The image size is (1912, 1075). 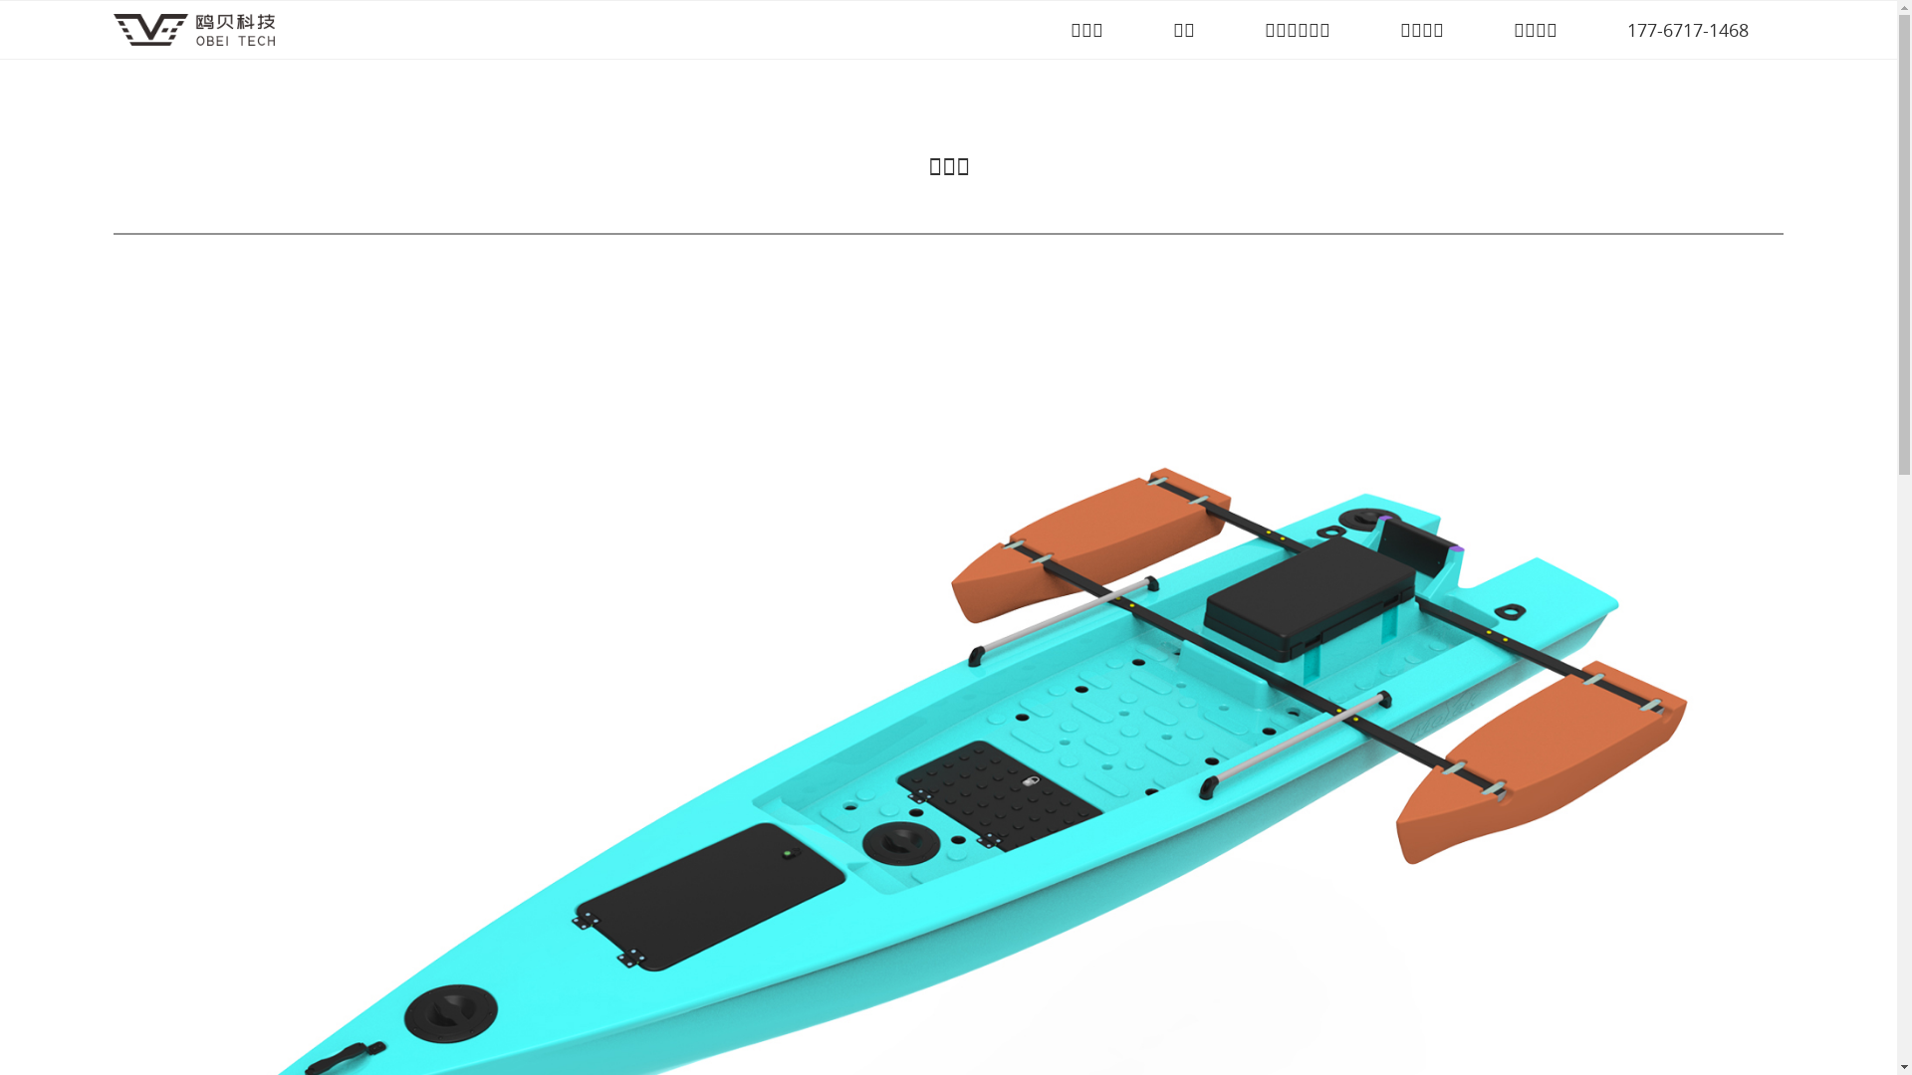 What do you see at coordinates (1611, 30) in the screenshot?
I see `'177-6717-1468'` at bounding box center [1611, 30].